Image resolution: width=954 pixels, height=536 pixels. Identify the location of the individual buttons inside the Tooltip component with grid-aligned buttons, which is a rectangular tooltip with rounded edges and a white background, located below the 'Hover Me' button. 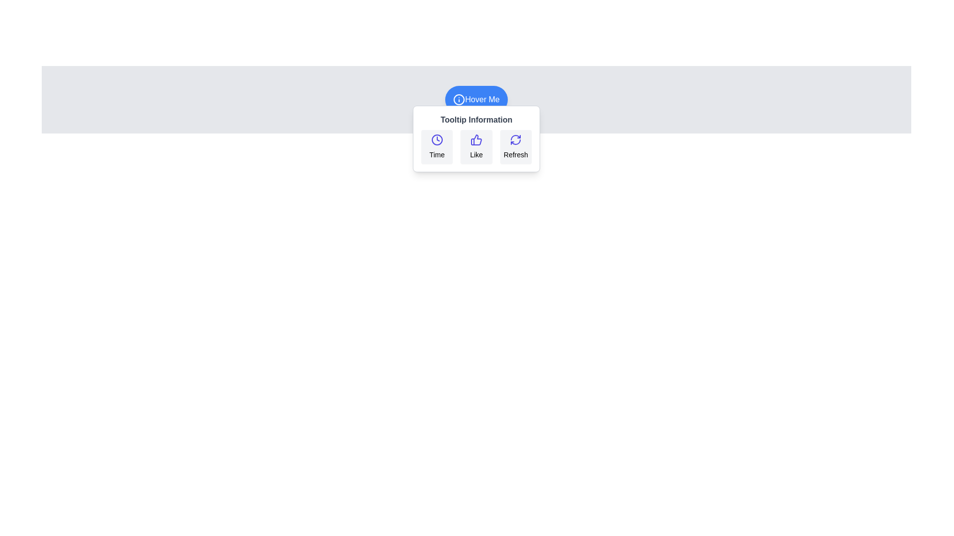
(476, 139).